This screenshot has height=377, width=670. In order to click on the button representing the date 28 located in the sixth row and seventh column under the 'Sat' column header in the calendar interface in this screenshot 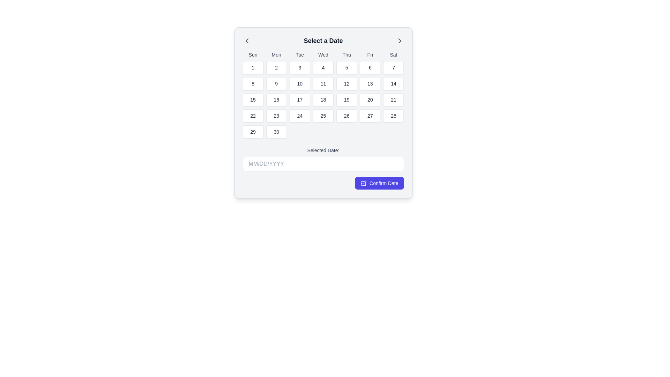, I will do `click(394, 115)`.